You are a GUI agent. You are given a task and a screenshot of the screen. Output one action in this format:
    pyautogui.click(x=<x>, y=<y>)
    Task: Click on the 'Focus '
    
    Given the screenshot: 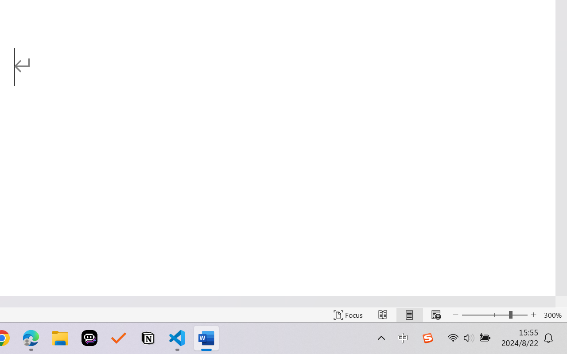 What is the action you would take?
    pyautogui.click(x=348, y=315)
    